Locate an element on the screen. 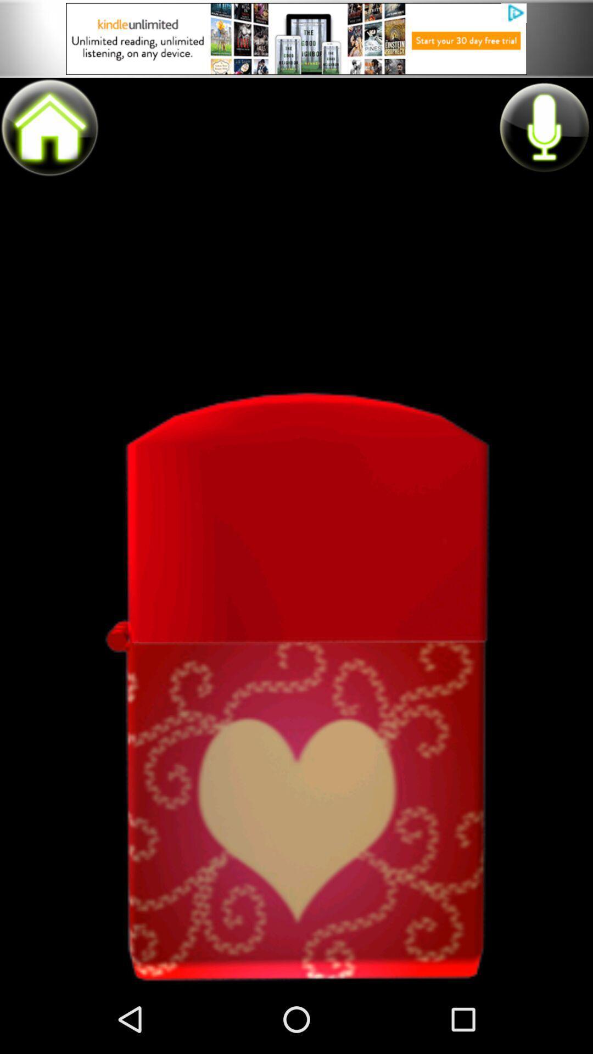 This screenshot has width=593, height=1054. activates microphone is located at coordinates (544, 127).